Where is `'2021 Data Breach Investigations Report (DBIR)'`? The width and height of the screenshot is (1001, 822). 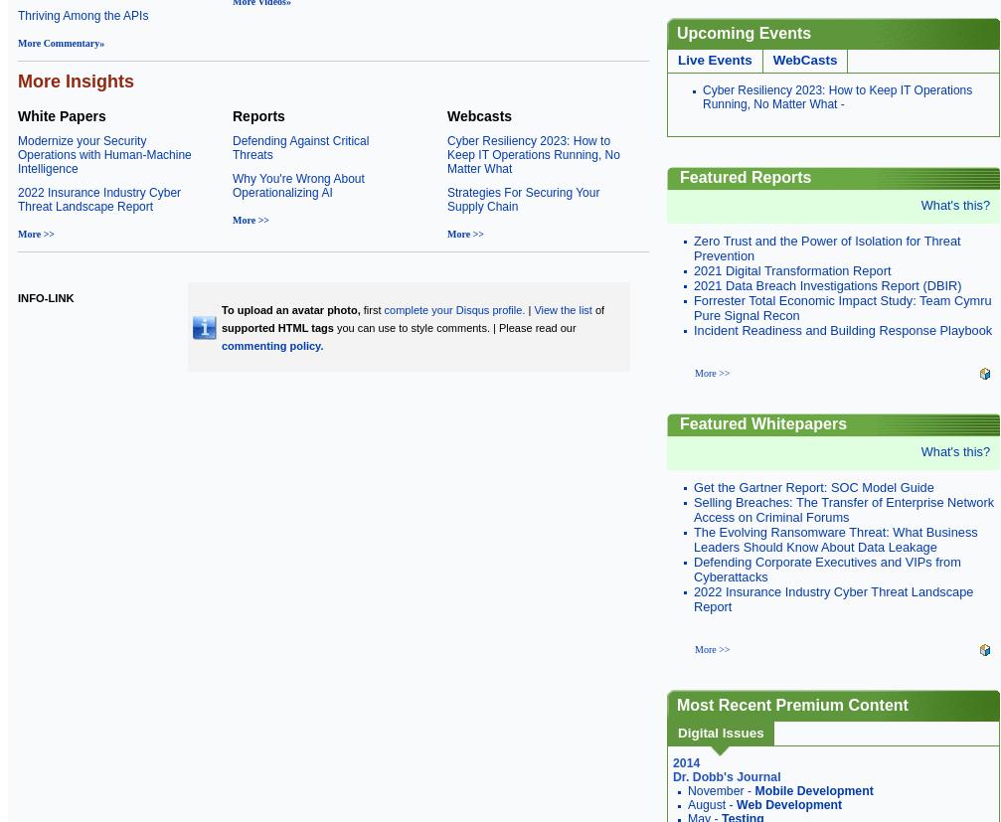
'2021 Data Breach Investigations Report (DBIR)' is located at coordinates (692, 284).